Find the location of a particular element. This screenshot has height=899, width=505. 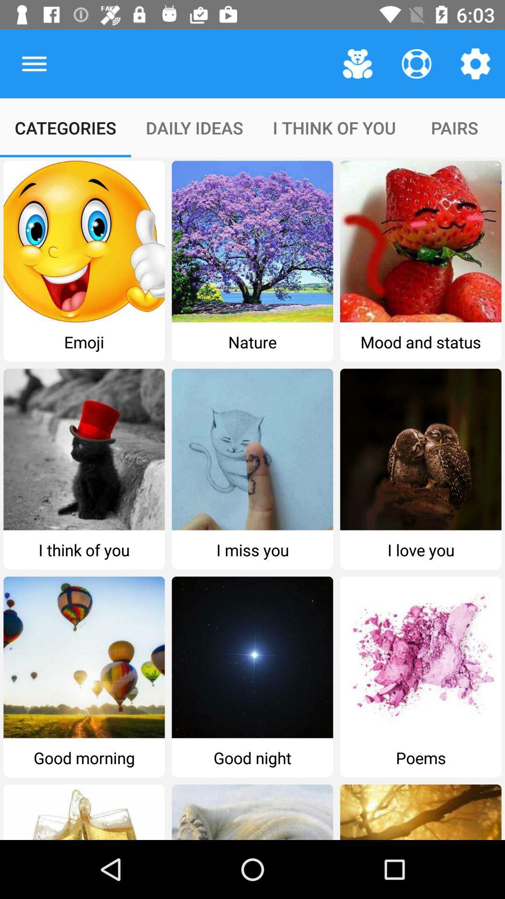

item above the i think of icon is located at coordinates (357, 63).